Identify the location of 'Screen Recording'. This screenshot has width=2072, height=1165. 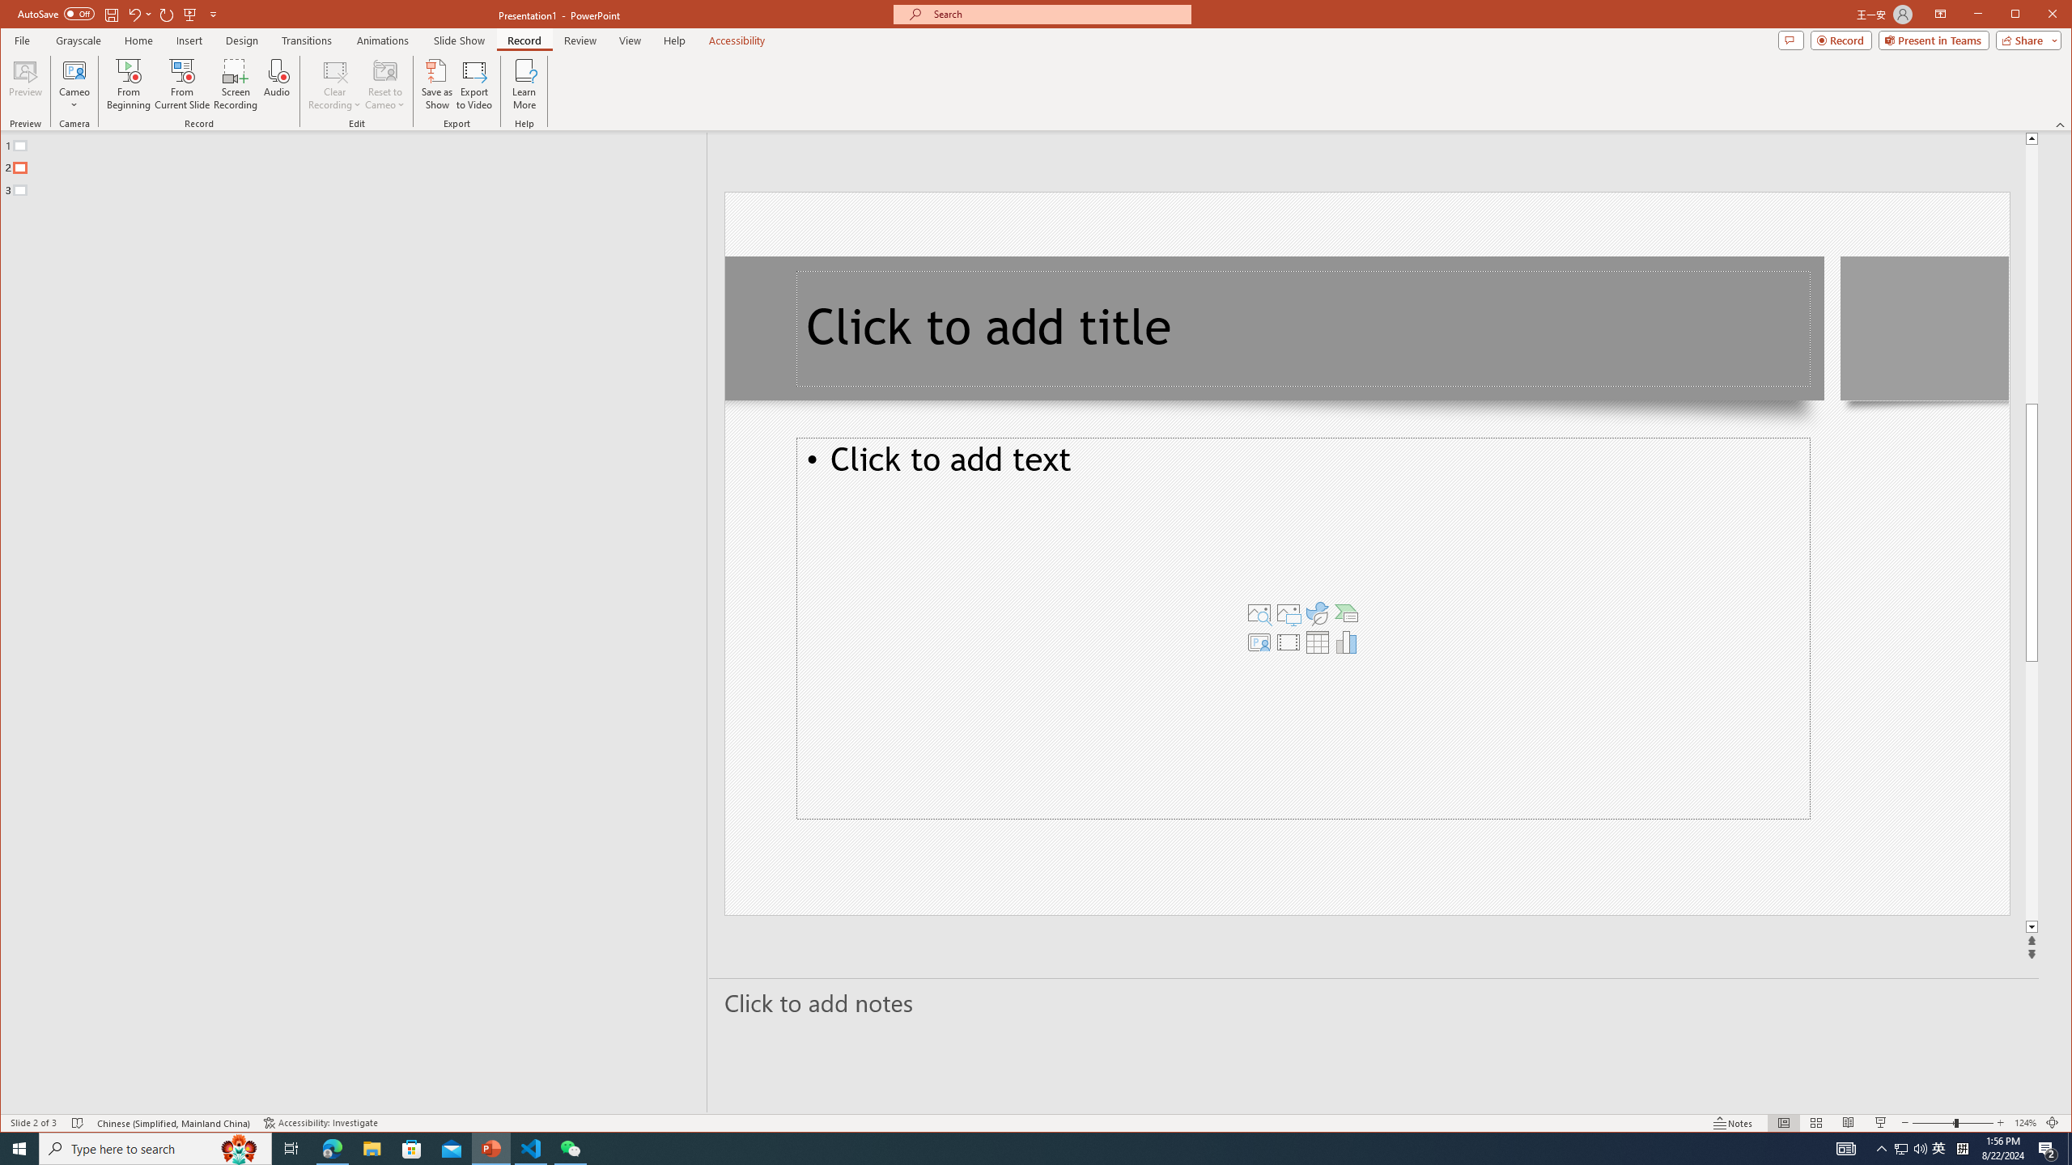
(234, 83).